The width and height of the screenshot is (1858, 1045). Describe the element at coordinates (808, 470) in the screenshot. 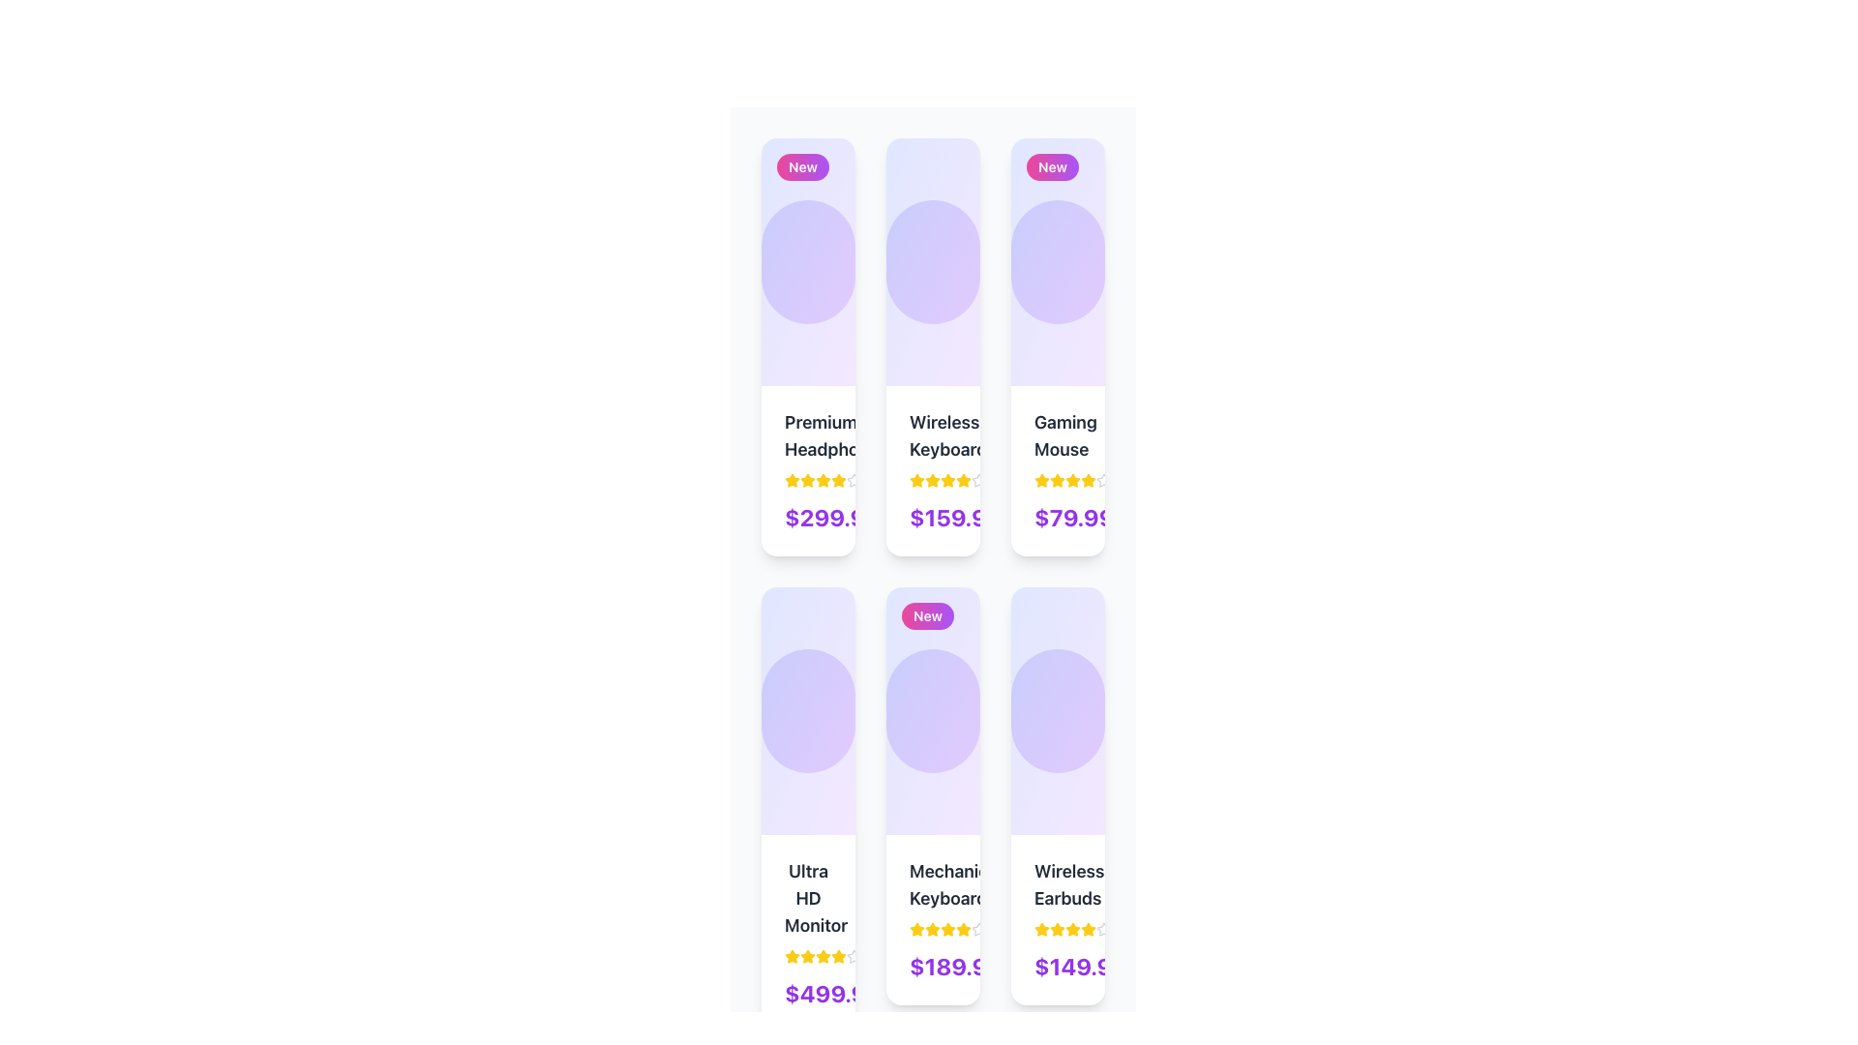

I see `any of the five star icons in the rating indicator for the Premium Headphones product card, which is located at the top-left corner of the grid layout` at that location.